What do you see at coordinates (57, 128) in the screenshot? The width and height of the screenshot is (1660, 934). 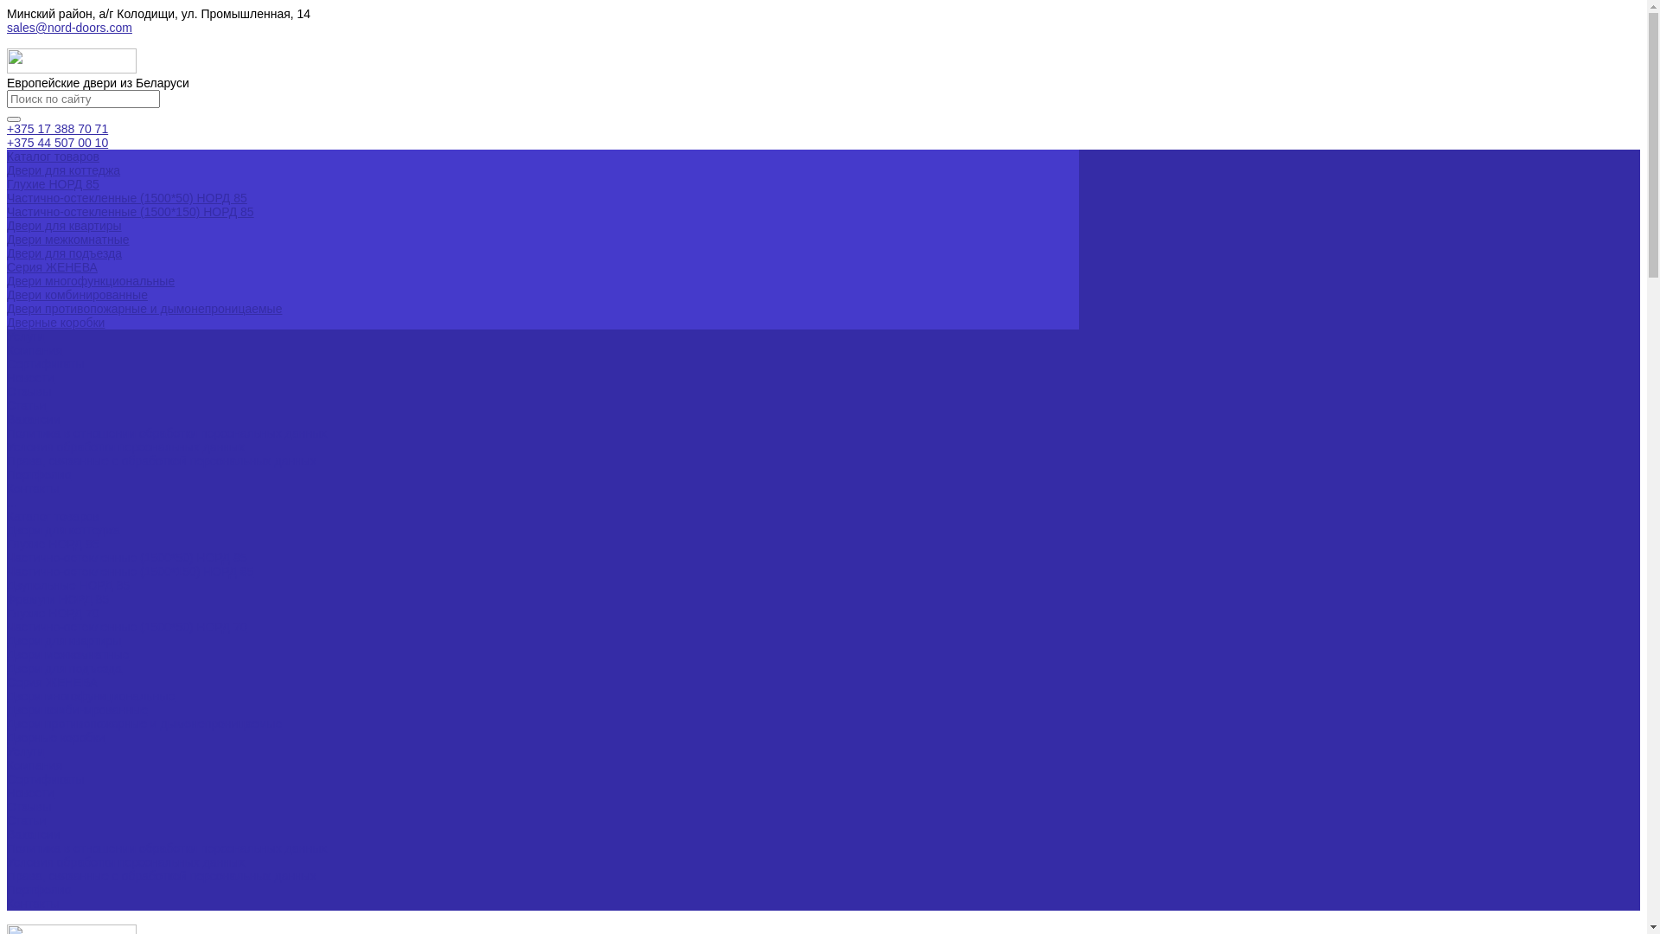 I see `'+375 17 388 70 71'` at bounding box center [57, 128].